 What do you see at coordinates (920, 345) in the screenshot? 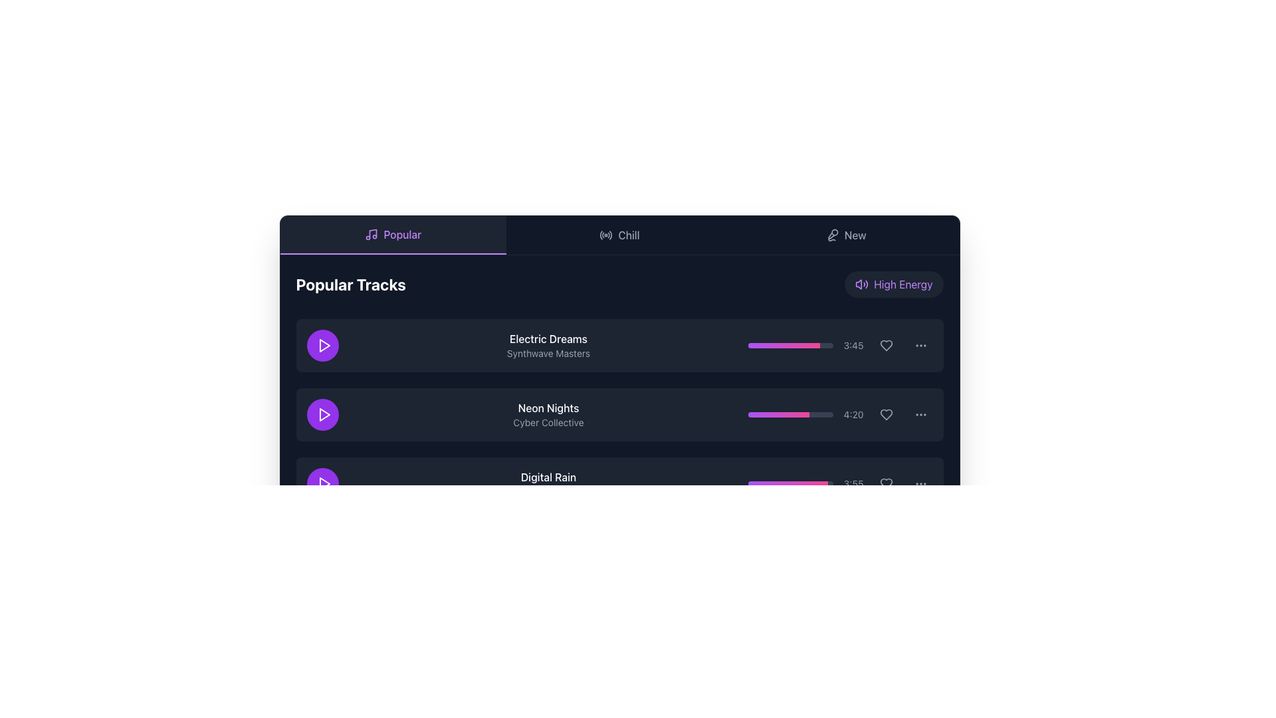
I see `the button with an ellipsis icon located on the right edge of the track information row, adjacent to the '3:45' duration text` at bounding box center [920, 345].